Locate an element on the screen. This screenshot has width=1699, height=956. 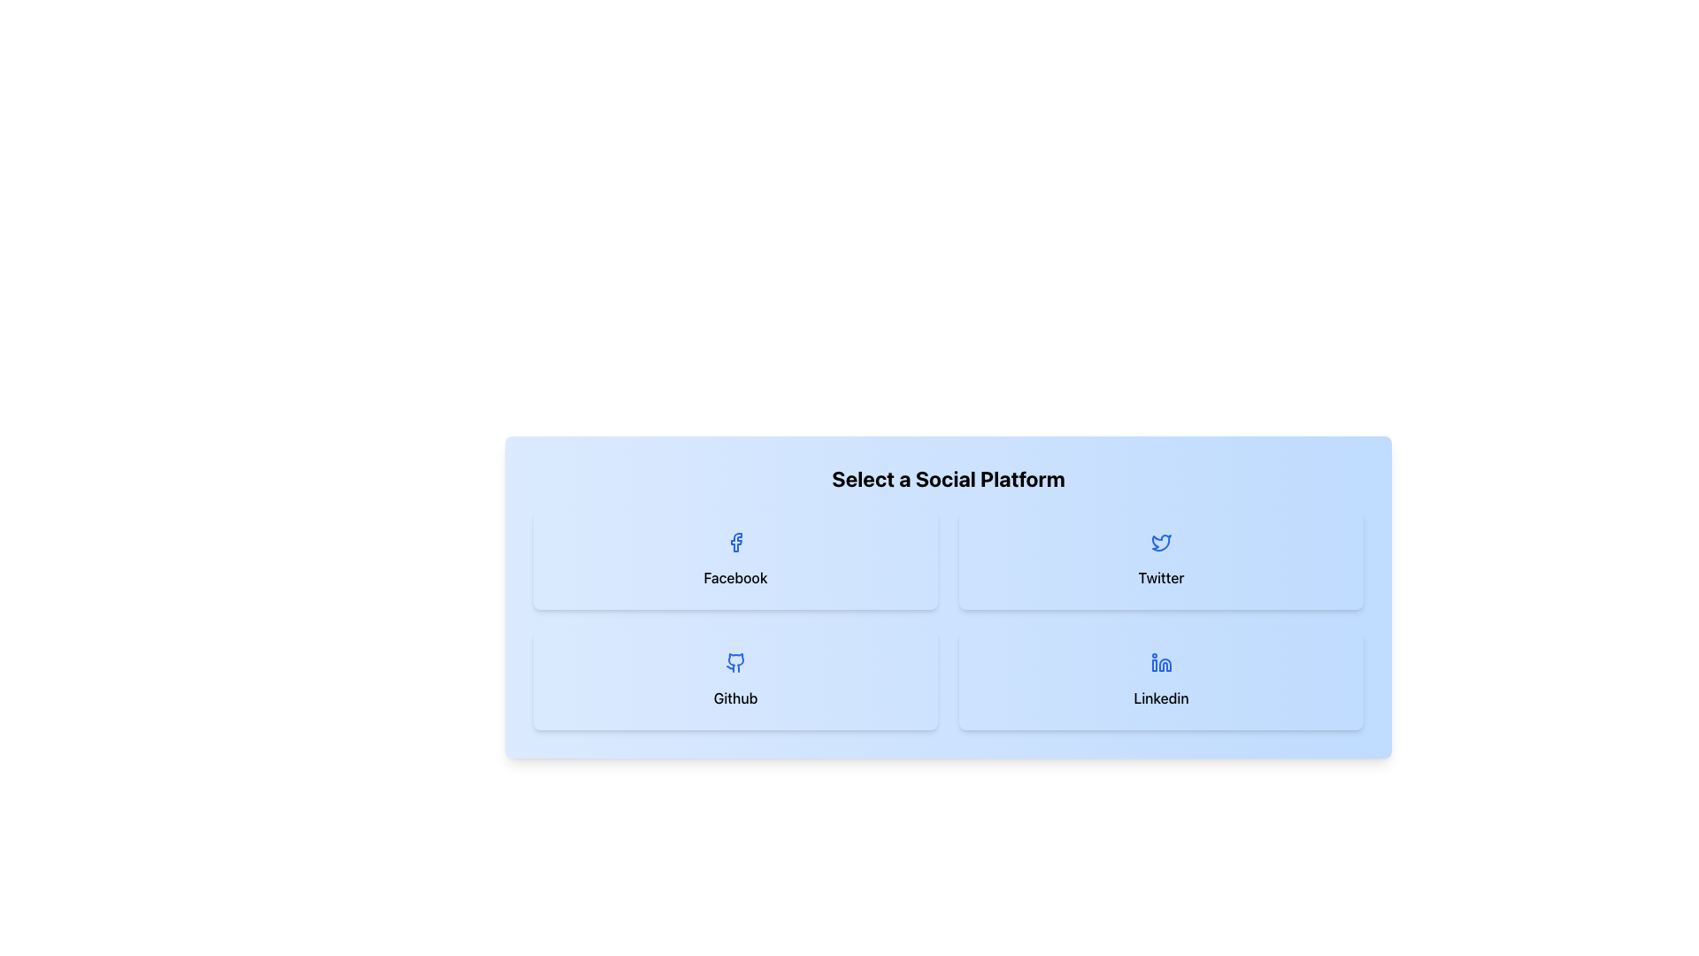
the GitHub selection card located in the lower-left quadrant of the social media platform selection grid is located at coordinates (735, 679).